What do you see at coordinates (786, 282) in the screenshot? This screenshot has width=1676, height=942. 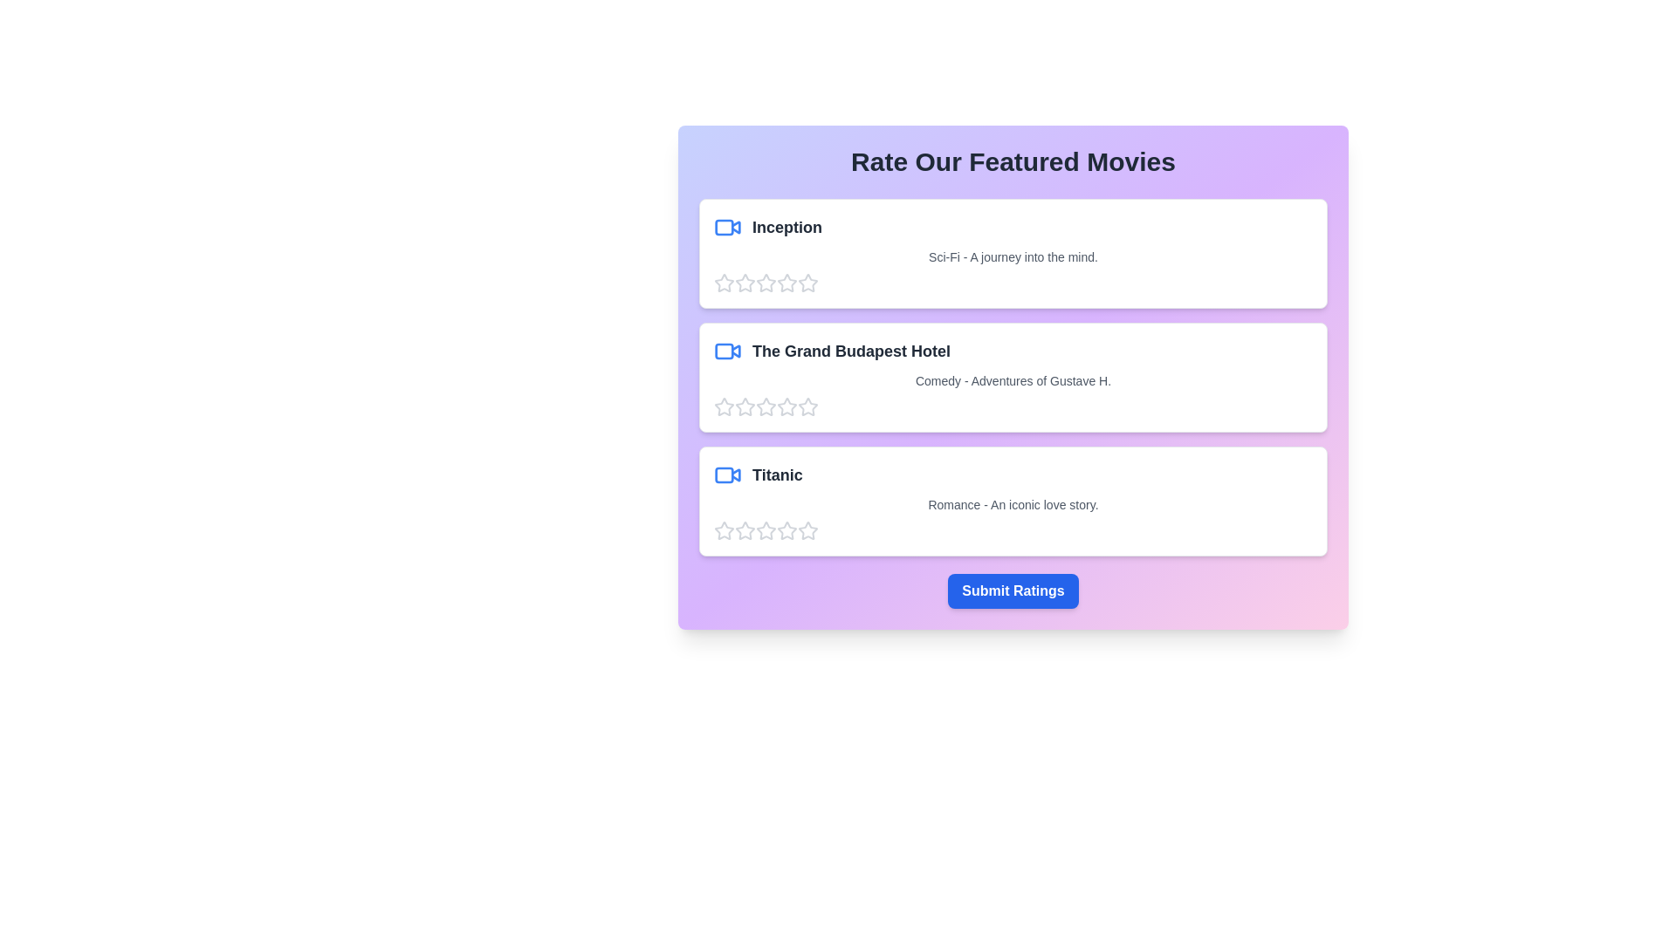 I see `the star corresponding to 4 stars to preview the rating` at bounding box center [786, 282].